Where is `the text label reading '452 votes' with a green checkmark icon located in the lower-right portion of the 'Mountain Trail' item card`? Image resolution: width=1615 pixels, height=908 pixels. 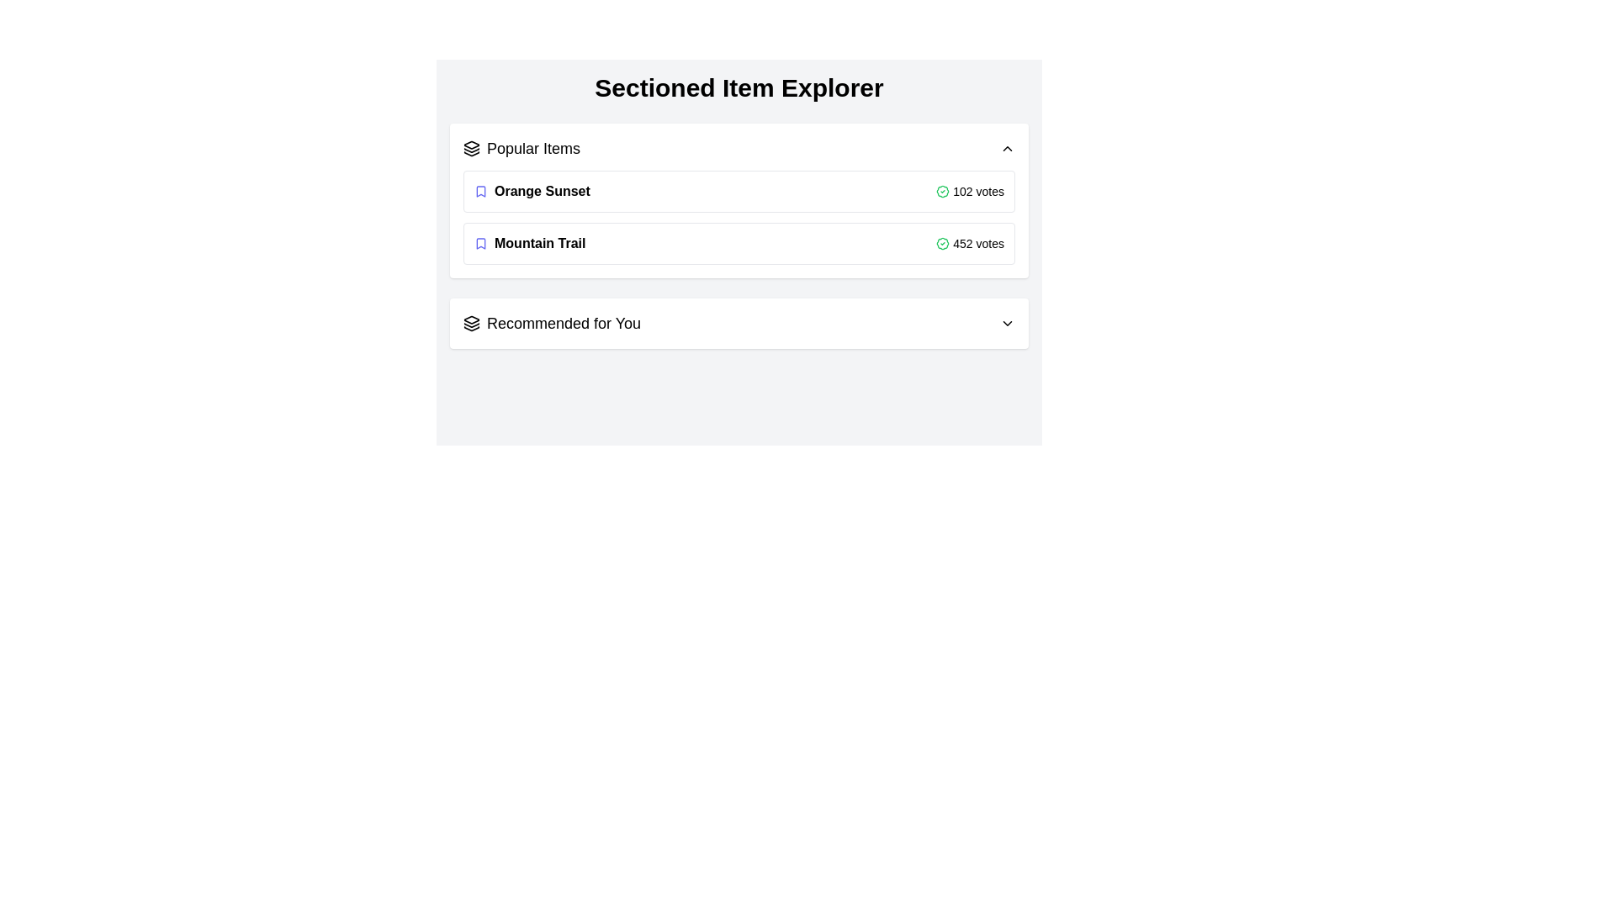 the text label reading '452 votes' with a green checkmark icon located in the lower-right portion of the 'Mountain Trail' item card is located at coordinates (970, 243).